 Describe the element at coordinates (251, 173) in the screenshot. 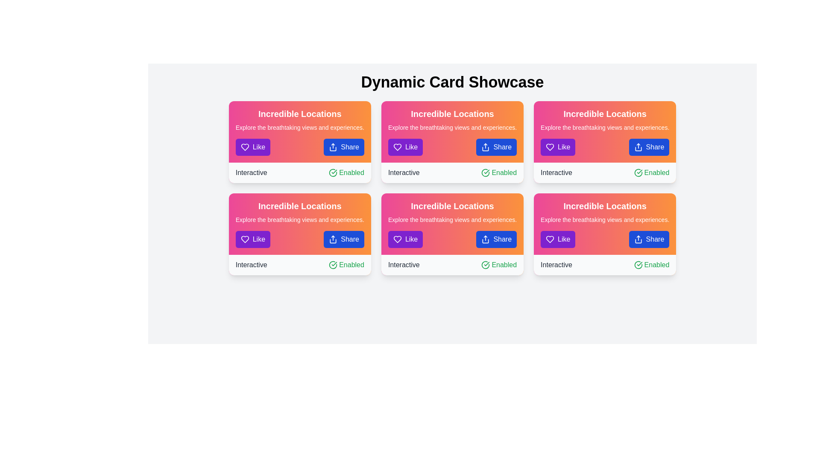

I see `label text that describes the interactive state of the card, positioned in the gray background section of the card, leftmost in the first column, second row, above the checkbox icon and to the left of the green 'Enabled' label` at that location.